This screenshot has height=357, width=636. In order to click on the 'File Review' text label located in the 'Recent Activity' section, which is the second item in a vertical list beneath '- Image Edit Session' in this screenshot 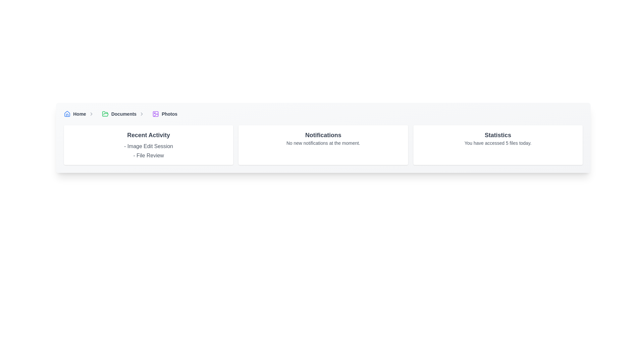, I will do `click(148, 155)`.